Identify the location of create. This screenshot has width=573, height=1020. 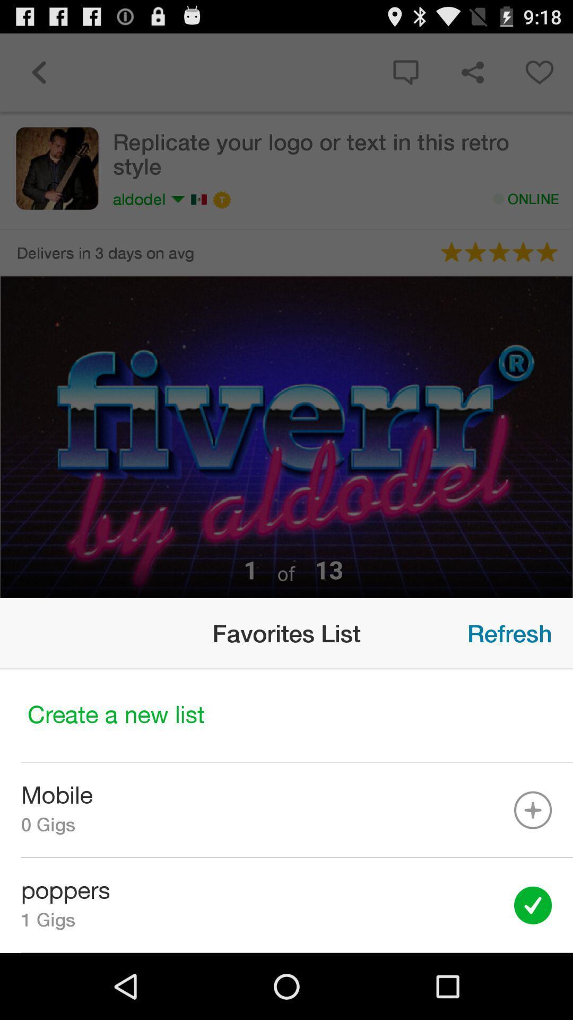
(286, 716).